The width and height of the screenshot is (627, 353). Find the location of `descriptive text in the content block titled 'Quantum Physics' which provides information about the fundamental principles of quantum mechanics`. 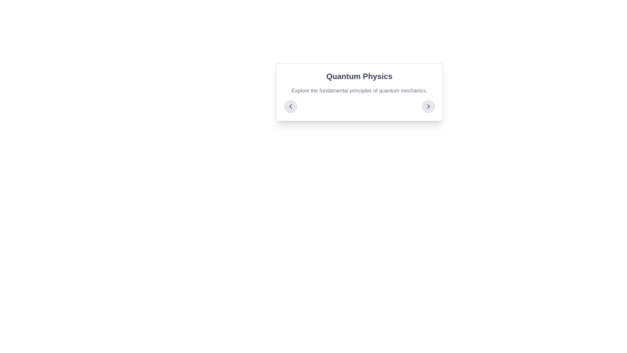

descriptive text in the content block titled 'Quantum Physics' which provides information about the fundamental principles of quantum mechanics is located at coordinates (359, 92).